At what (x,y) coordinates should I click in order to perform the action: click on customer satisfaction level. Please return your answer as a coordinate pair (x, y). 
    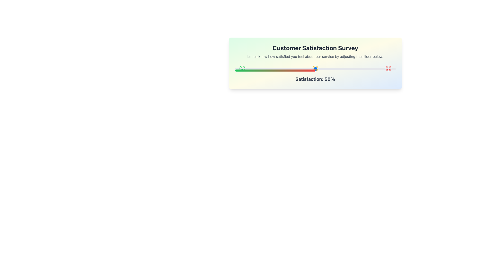
    Looking at the image, I should click on (342, 68).